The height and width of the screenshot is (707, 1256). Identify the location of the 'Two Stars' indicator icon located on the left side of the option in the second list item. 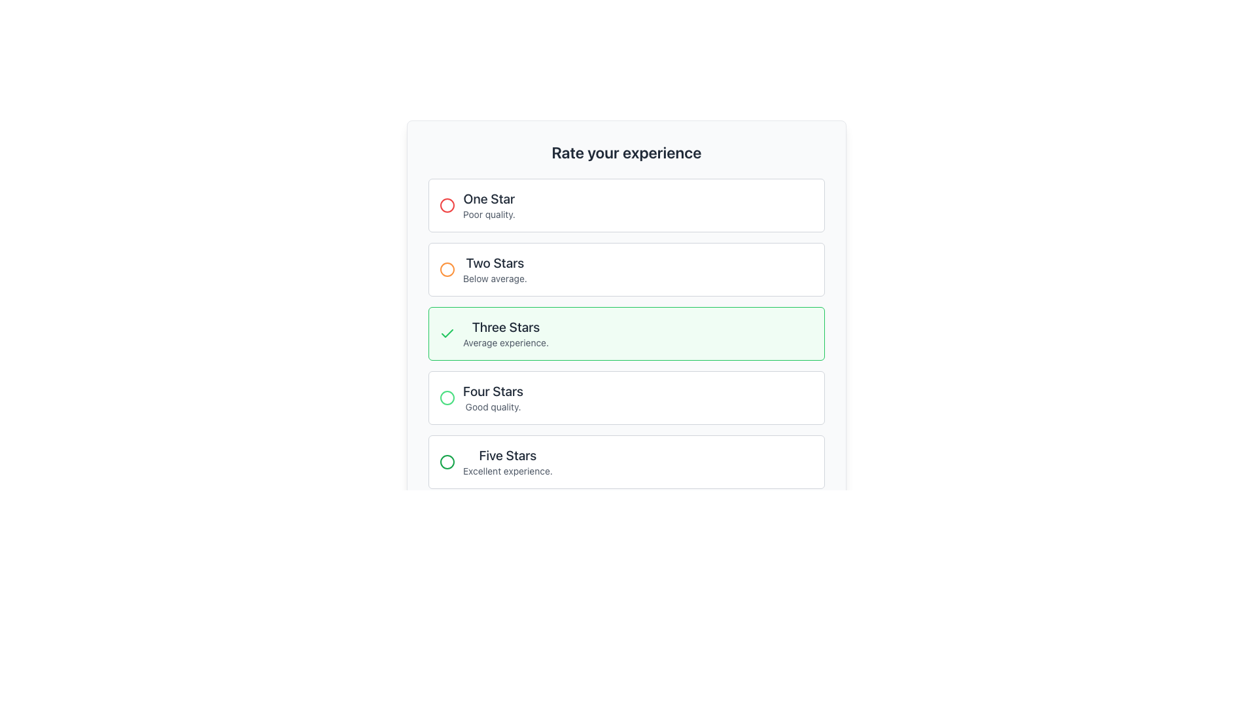
(447, 269).